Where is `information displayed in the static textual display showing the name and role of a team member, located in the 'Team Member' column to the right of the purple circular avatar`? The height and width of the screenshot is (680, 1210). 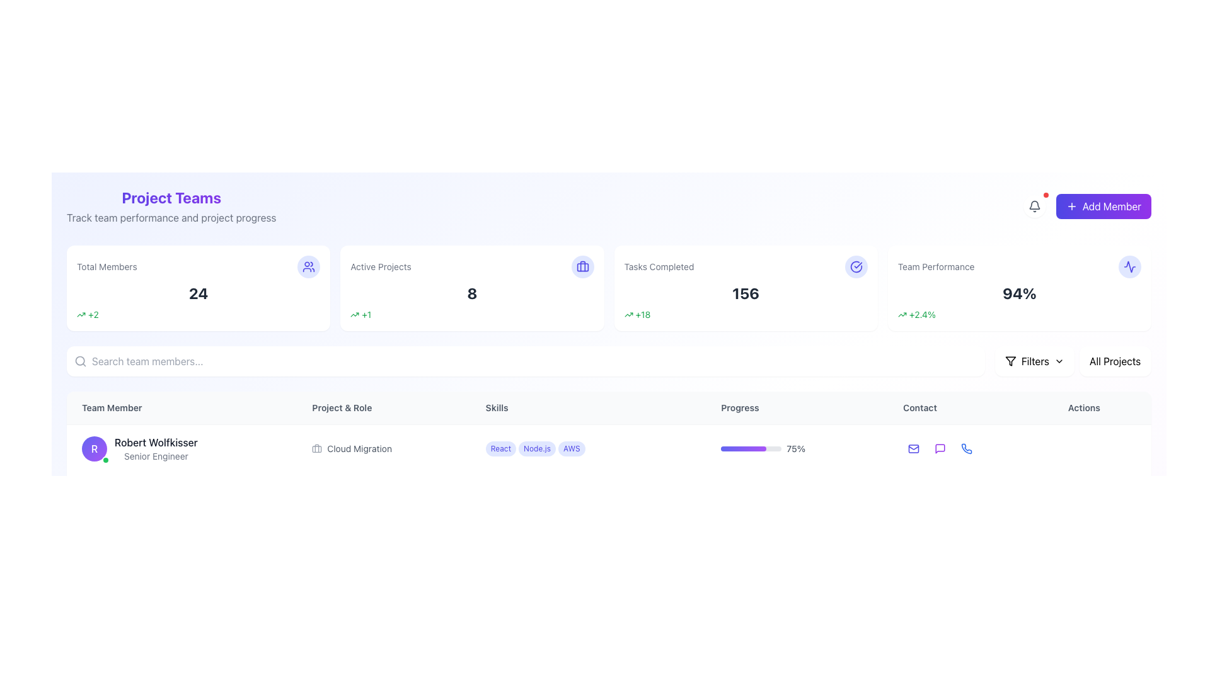 information displayed in the static textual display showing the name and role of a team member, located in the 'Team Member' column to the right of the purple circular avatar is located at coordinates (155, 448).